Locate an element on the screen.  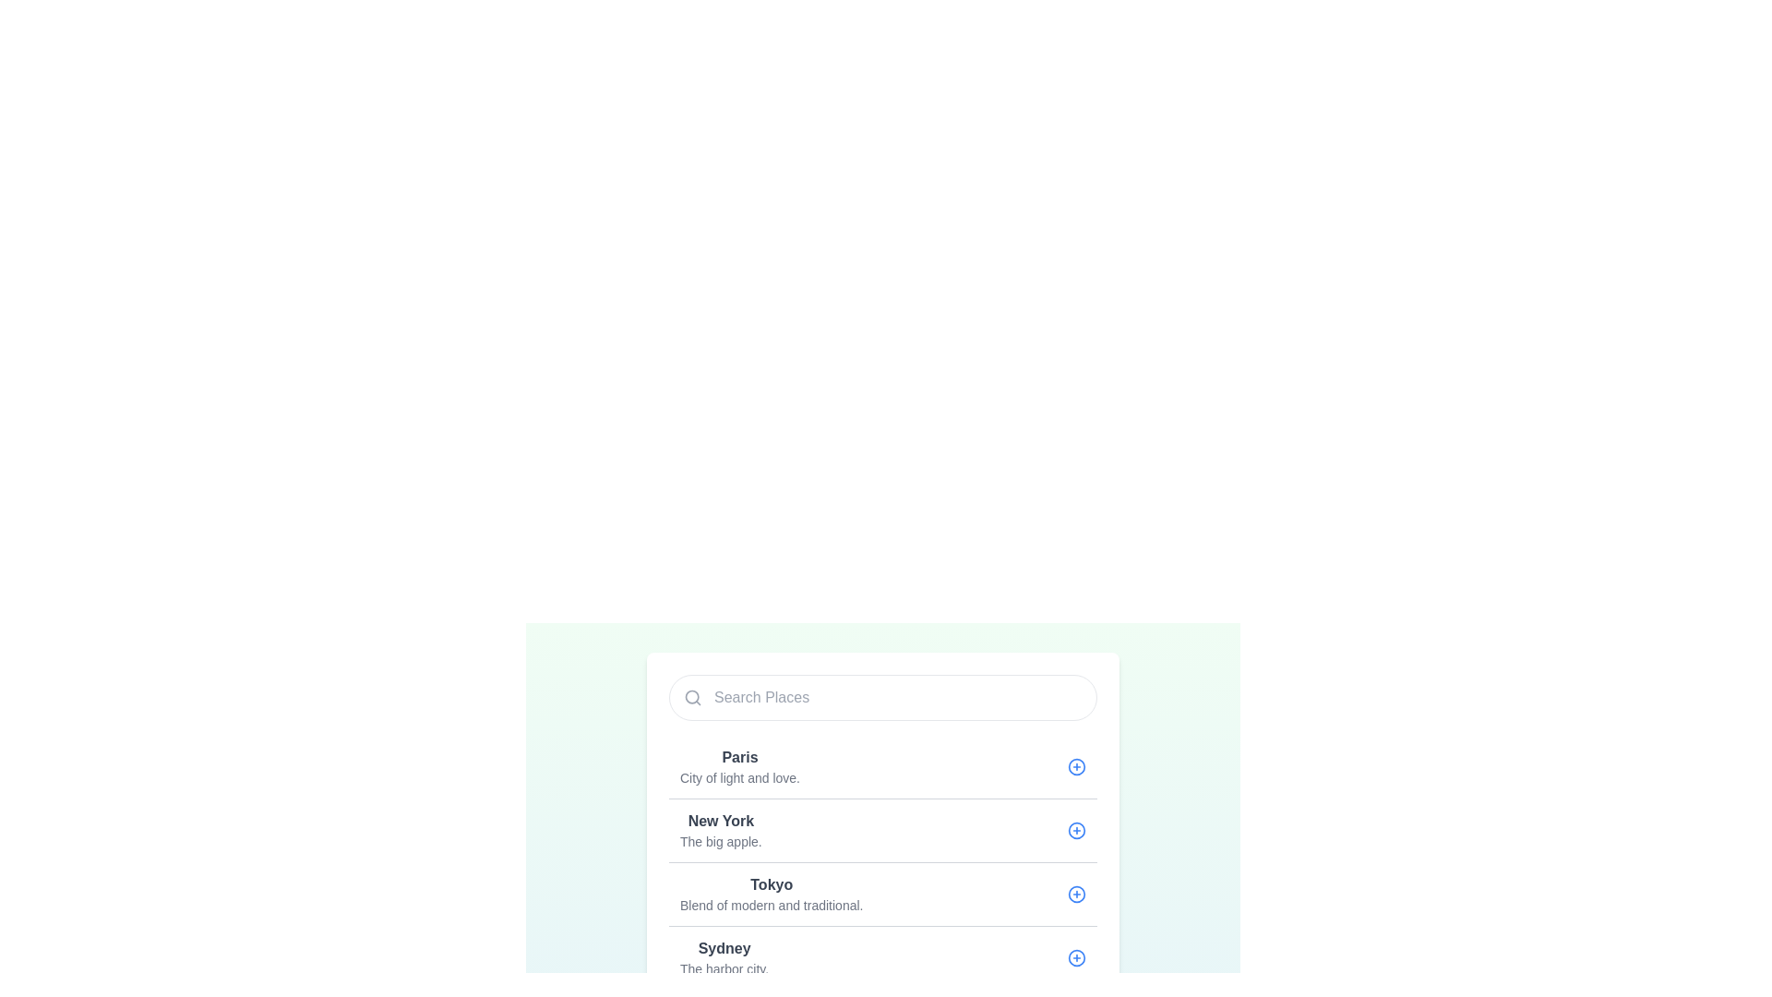
the magnifying glass icon that represents the search functionality within the input field, located at the left edge of the field is located at coordinates (691, 698).